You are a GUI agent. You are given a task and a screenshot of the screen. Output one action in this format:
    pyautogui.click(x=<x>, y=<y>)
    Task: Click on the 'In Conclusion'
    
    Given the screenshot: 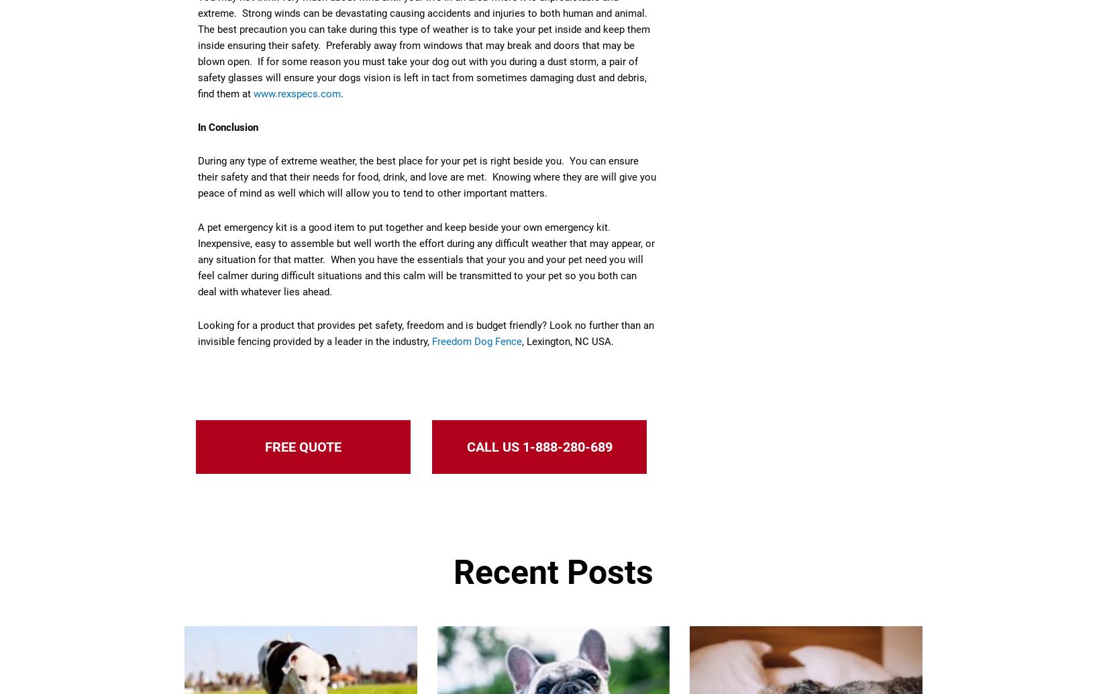 What is the action you would take?
    pyautogui.click(x=228, y=128)
    